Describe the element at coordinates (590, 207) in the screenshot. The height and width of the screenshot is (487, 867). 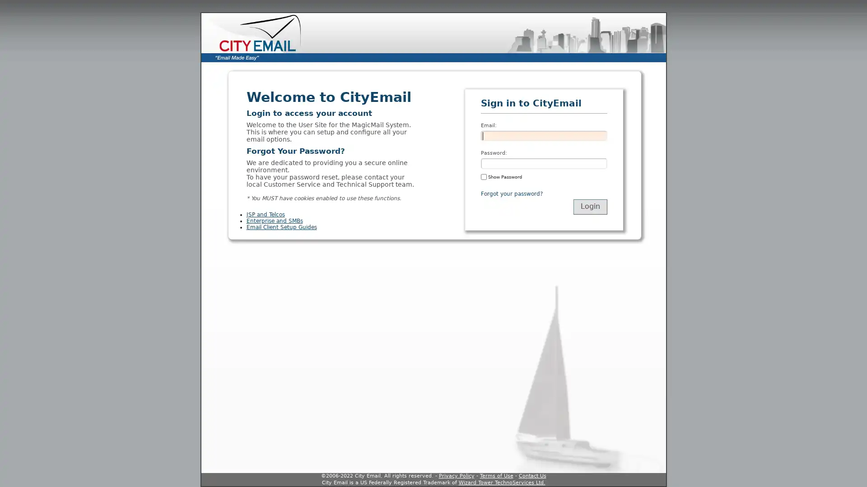
I see `Login` at that location.